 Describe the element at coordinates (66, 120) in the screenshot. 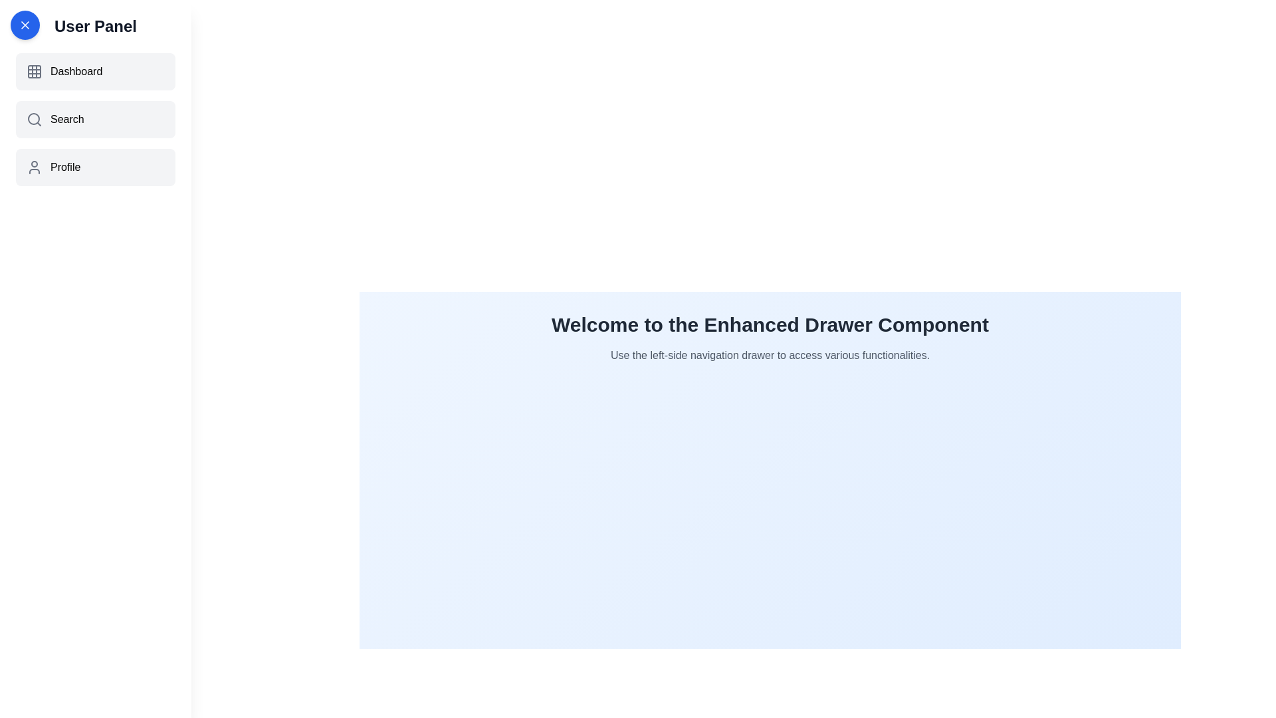

I see `the 'Search' text label which is positioned within a button in the left-side vertical navigation menu, located below the 'Dashboard' button and above the 'Profile' button` at that location.